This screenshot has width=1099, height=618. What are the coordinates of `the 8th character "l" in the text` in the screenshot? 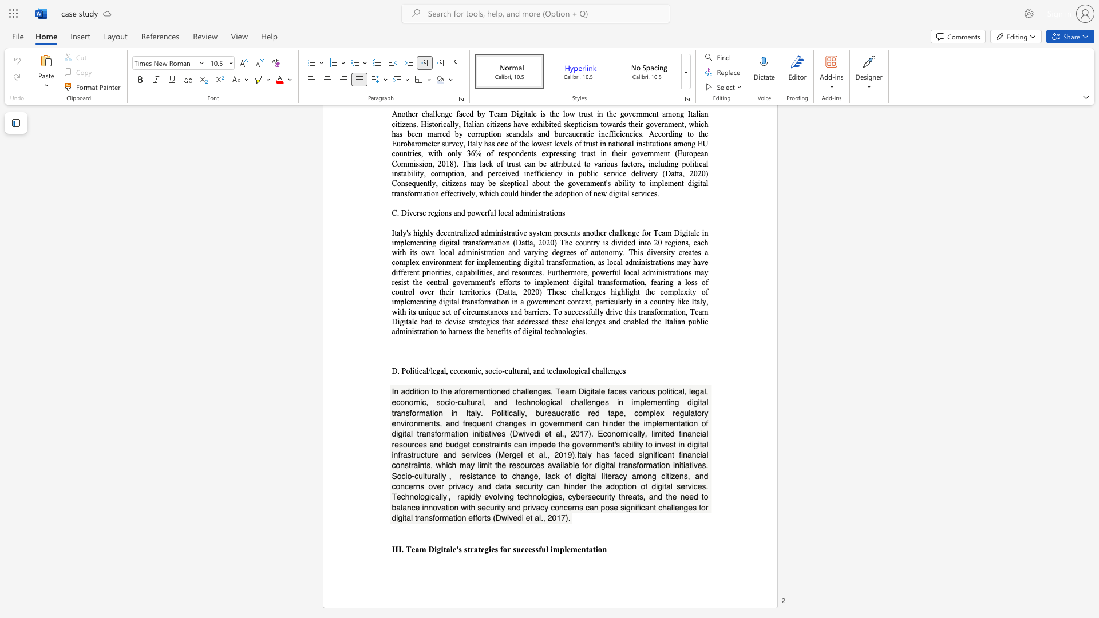 It's located at (588, 371).